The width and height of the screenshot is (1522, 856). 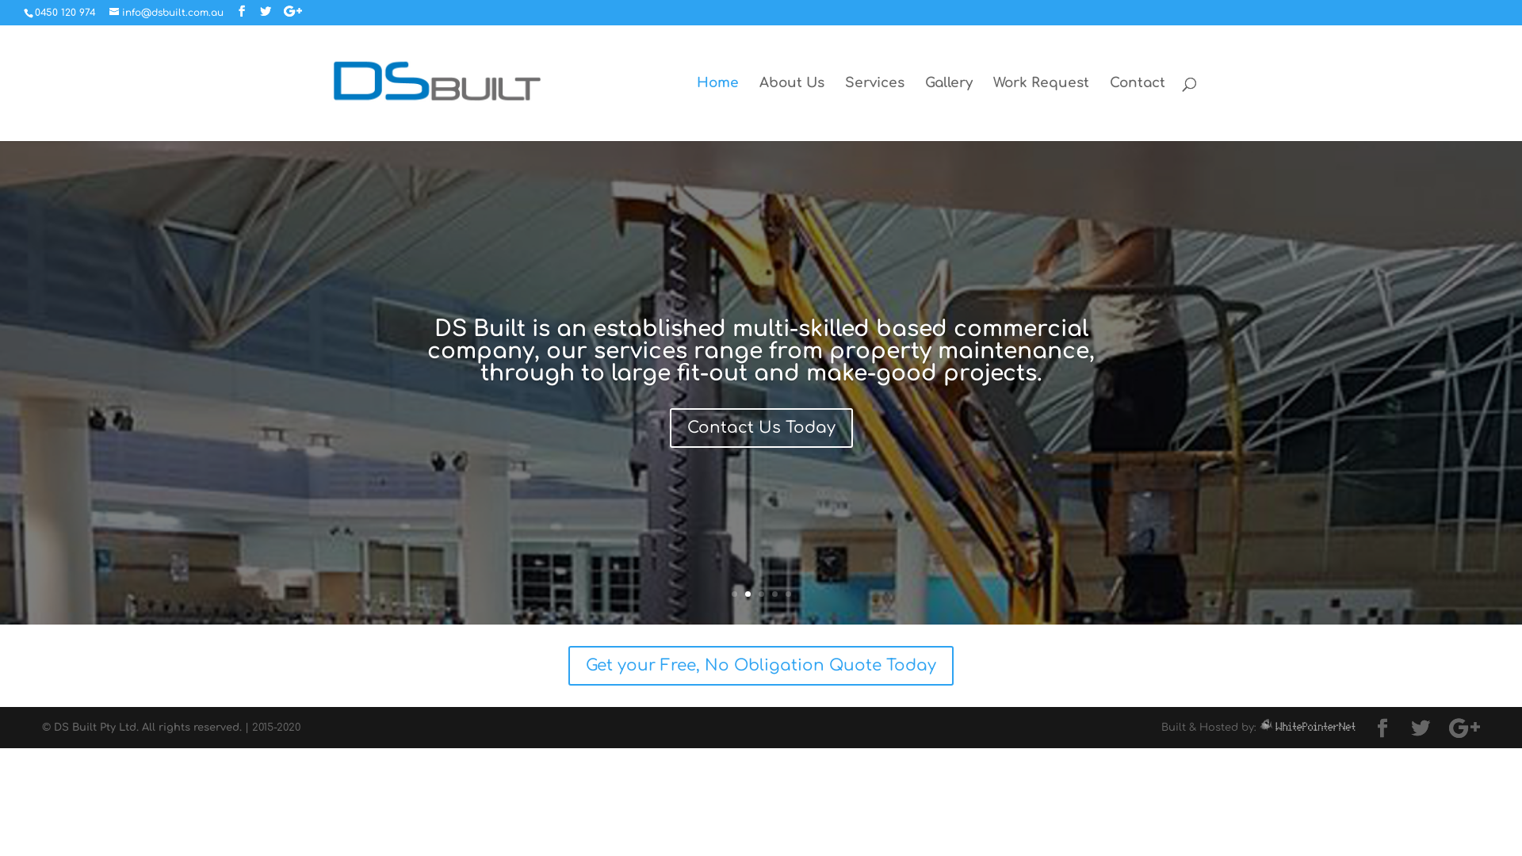 I want to click on '2', so click(x=747, y=594).